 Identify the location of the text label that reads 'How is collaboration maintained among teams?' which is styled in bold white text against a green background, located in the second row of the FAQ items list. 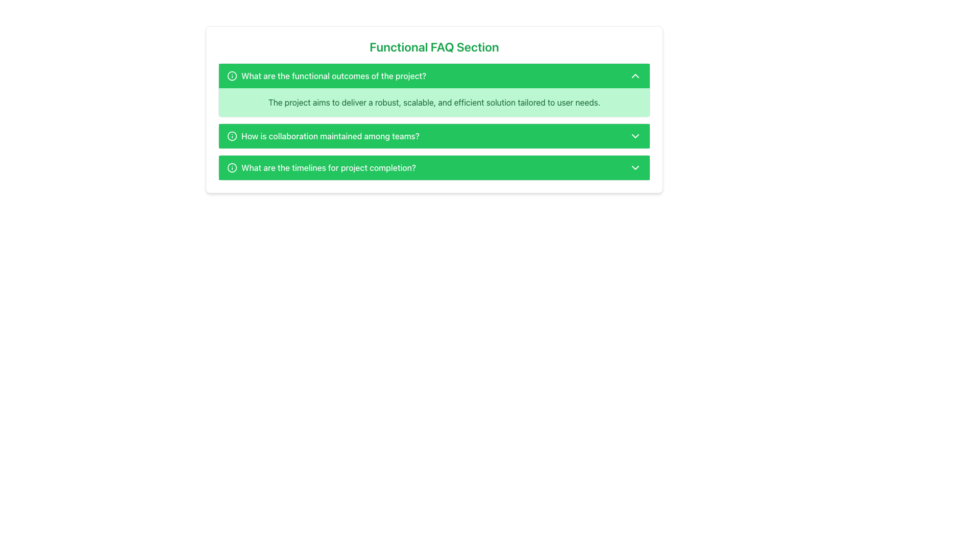
(323, 135).